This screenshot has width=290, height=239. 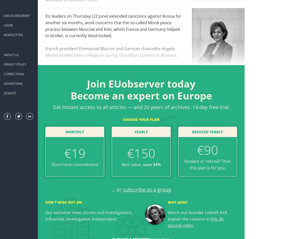 What do you see at coordinates (113, 25) in the screenshot?
I see `'EU leaders on Thursday (22 June) extended sanctions against Russia for another six months, amid concerns that the so-called Minsk peace process between Moscow and Kiev, which France and Germany helped to broker, is currently dead-locked.'` at bounding box center [113, 25].